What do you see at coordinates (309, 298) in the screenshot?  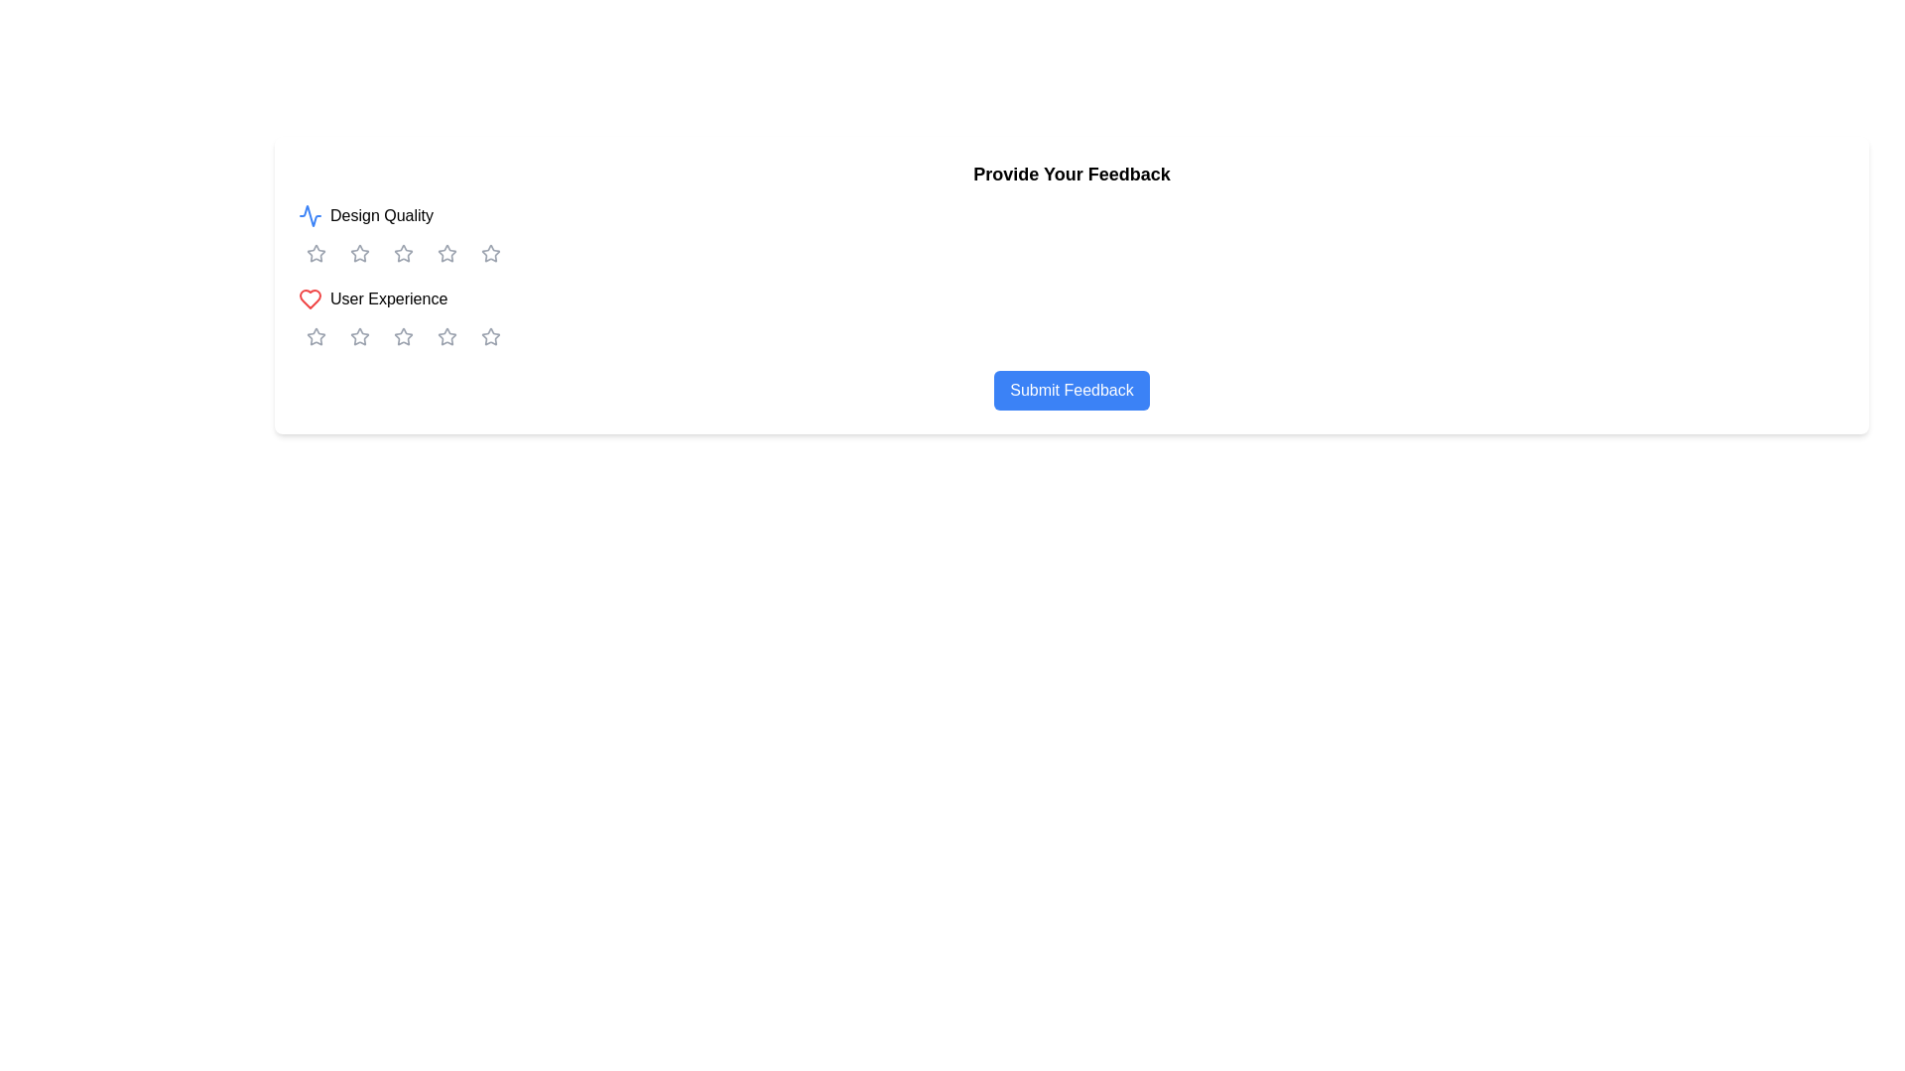 I see `the red heart-shaped icon under the 'User Experience' label in the feedback section, which is part of the rating system` at bounding box center [309, 298].